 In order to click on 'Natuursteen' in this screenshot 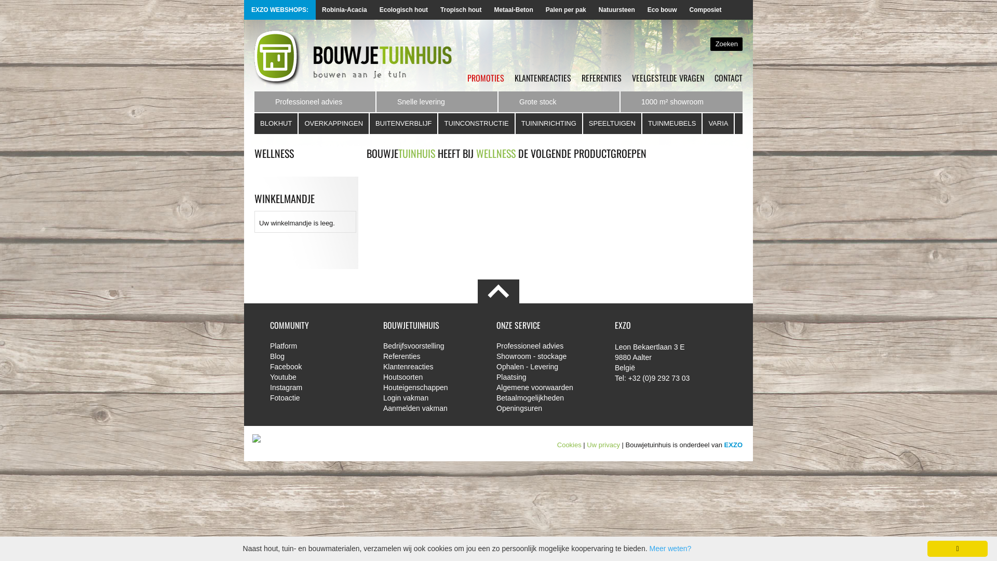, I will do `click(592, 10)`.